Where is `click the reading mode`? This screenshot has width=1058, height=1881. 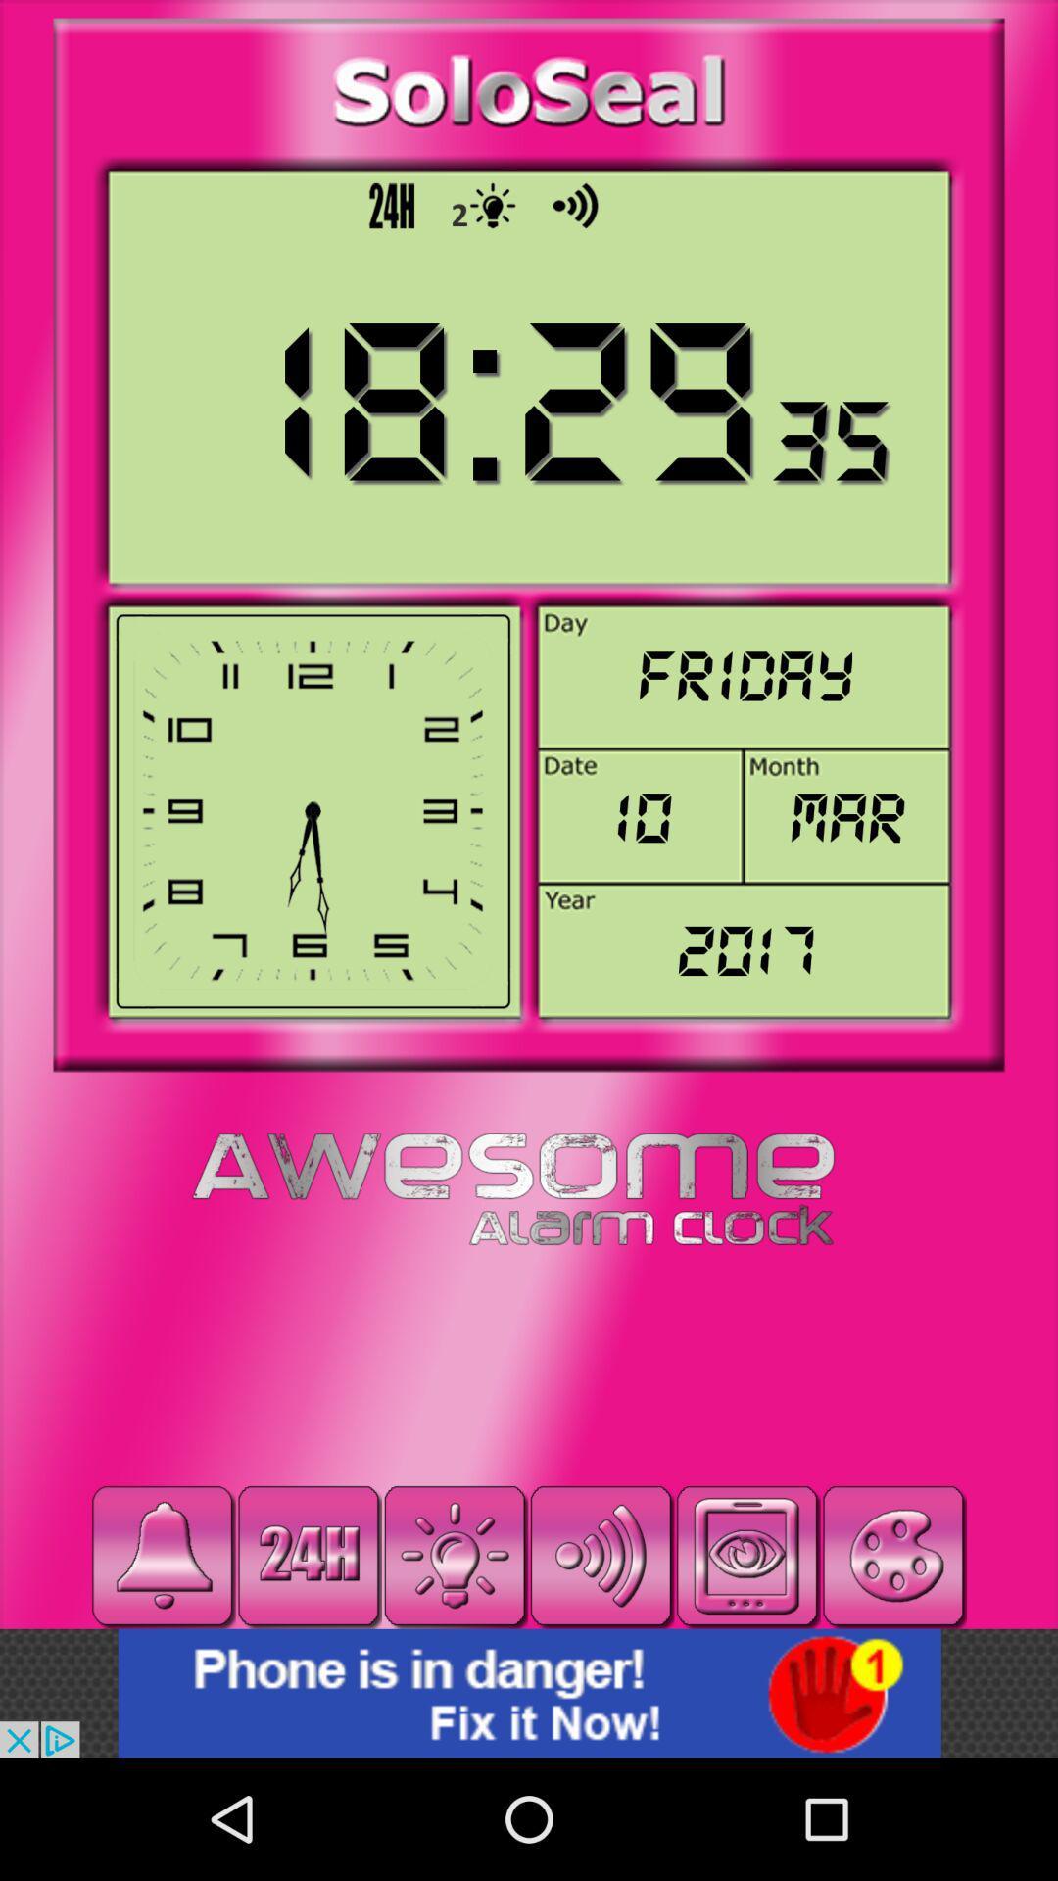 click the reading mode is located at coordinates (747, 1555).